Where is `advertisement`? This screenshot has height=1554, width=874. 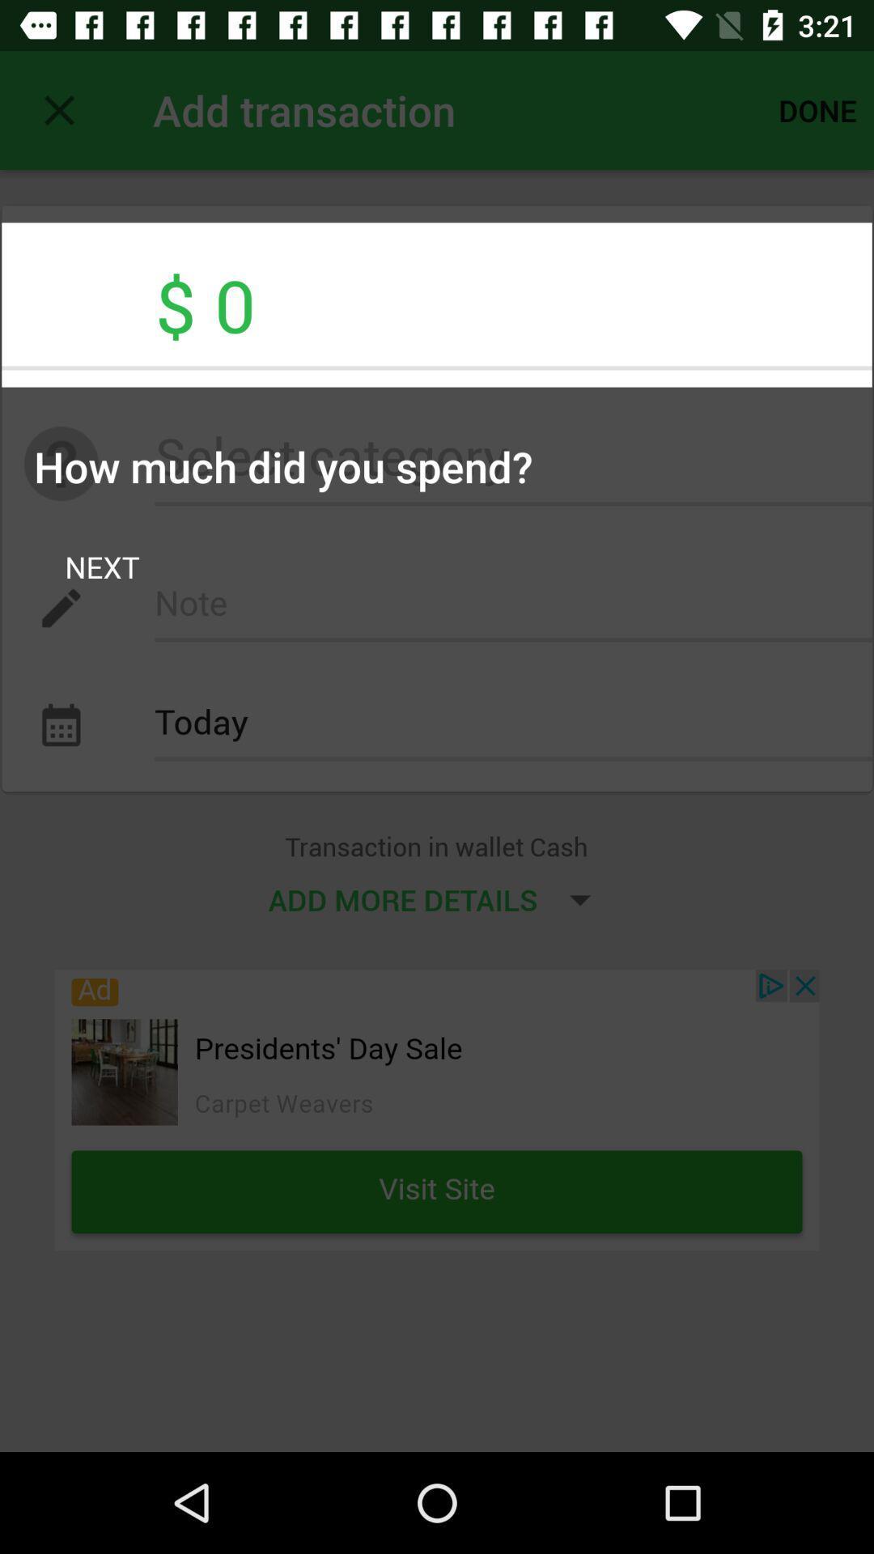
advertisement is located at coordinates (437, 1109).